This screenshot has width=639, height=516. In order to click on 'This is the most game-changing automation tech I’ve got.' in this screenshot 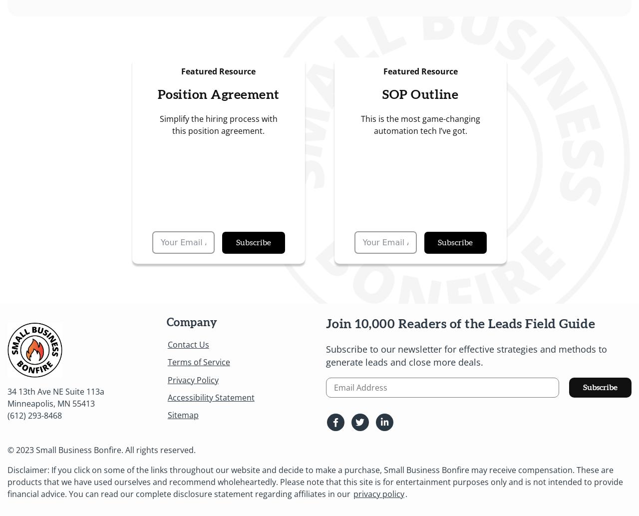, I will do `click(360, 123)`.